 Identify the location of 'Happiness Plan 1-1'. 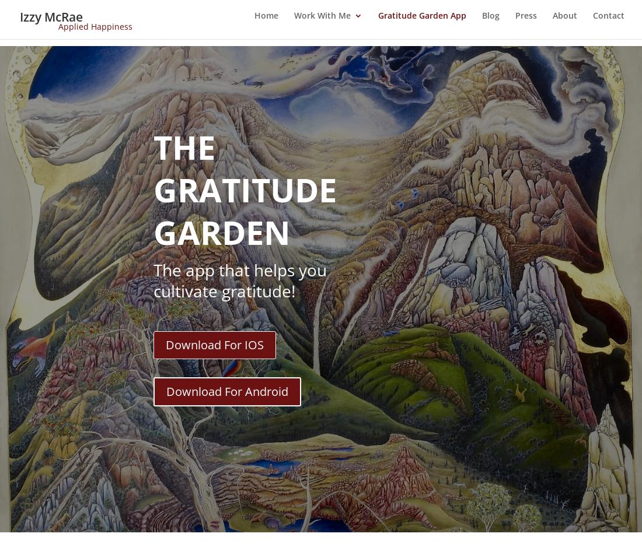
(355, 71).